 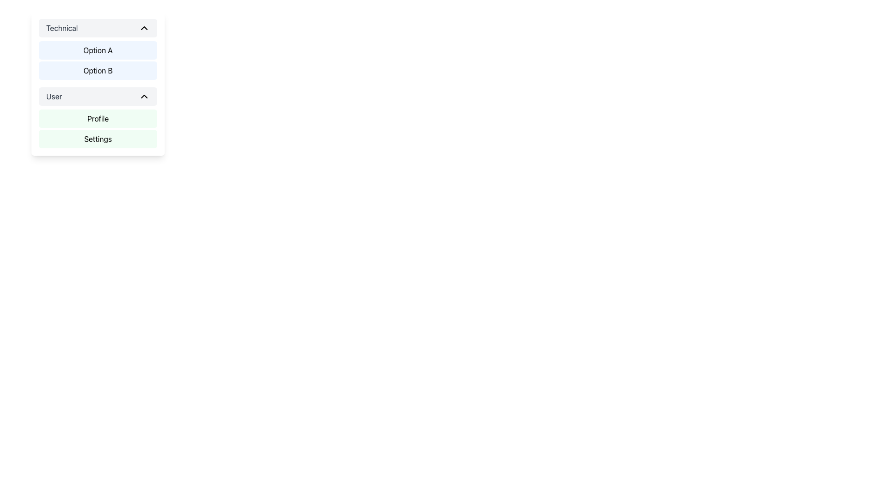 I want to click on the user settings button located below the Profile button in the user menu to observe a styling change, so click(x=98, y=139).